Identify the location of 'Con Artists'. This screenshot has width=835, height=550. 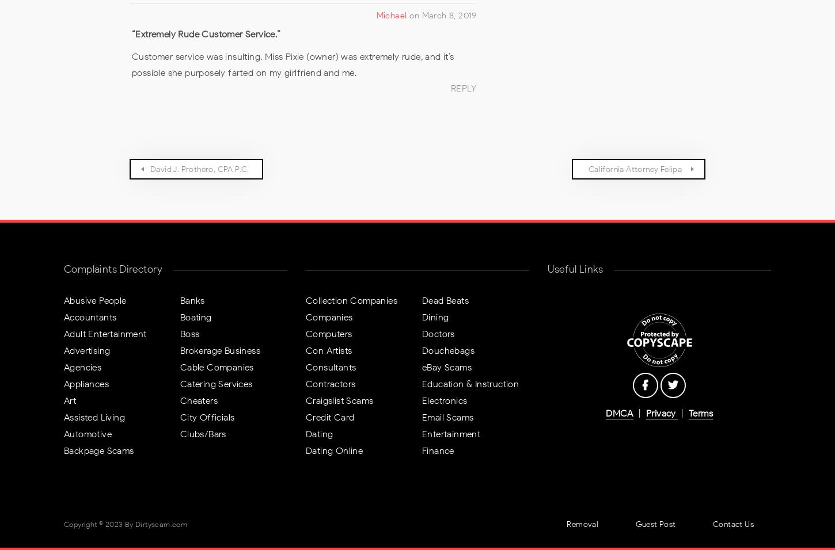
(329, 350).